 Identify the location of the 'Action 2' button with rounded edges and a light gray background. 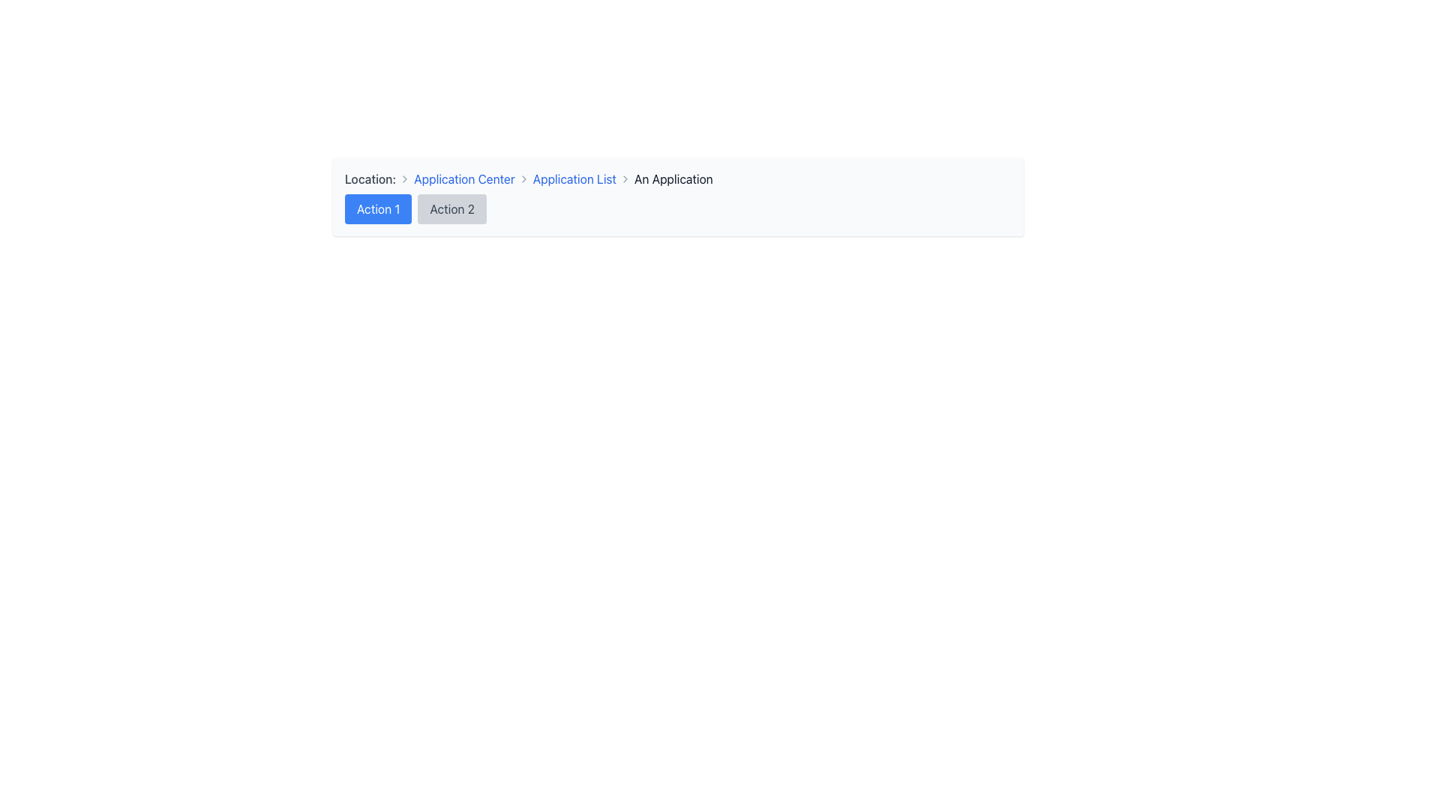
(451, 208).